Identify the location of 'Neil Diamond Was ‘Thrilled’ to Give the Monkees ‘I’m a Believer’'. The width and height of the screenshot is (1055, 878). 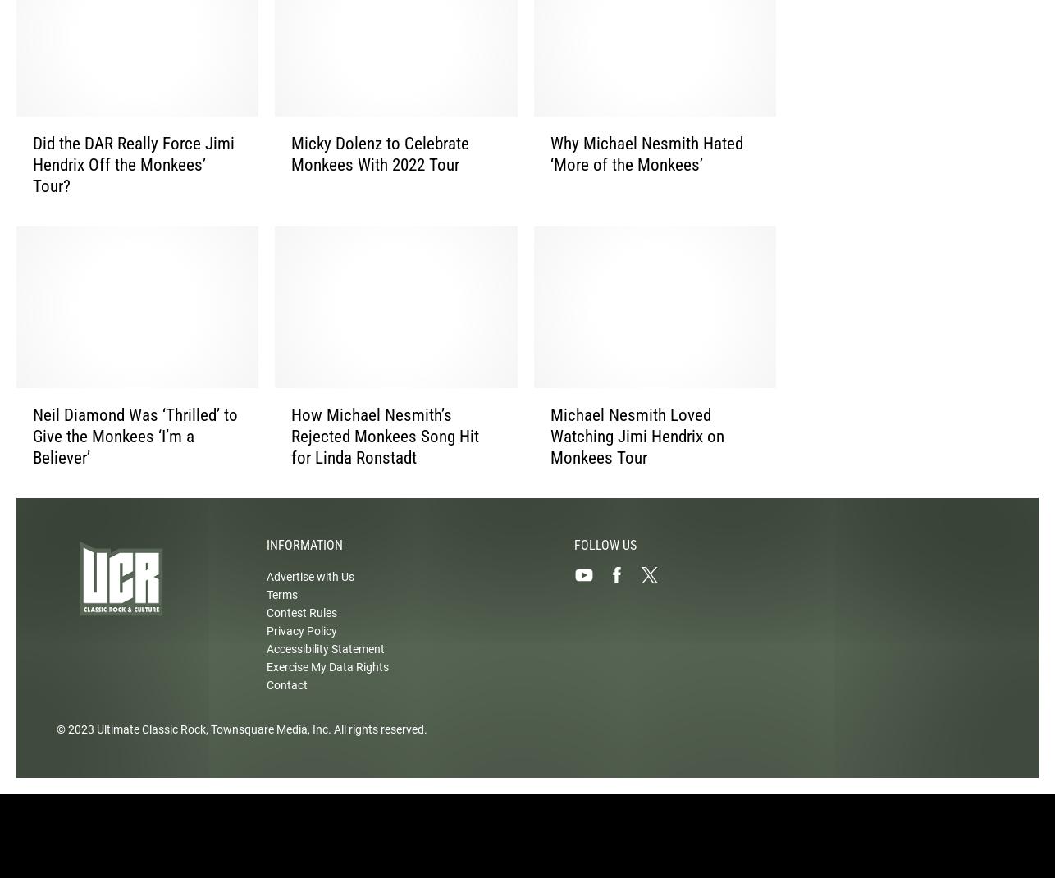
(32, 450).